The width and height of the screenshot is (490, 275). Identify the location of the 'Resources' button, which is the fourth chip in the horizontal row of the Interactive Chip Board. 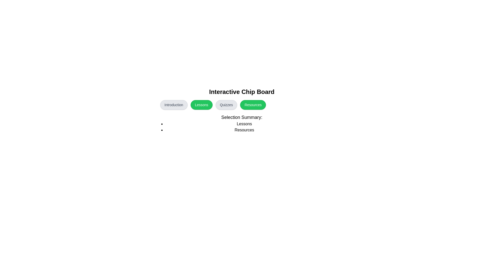
(241, 110).